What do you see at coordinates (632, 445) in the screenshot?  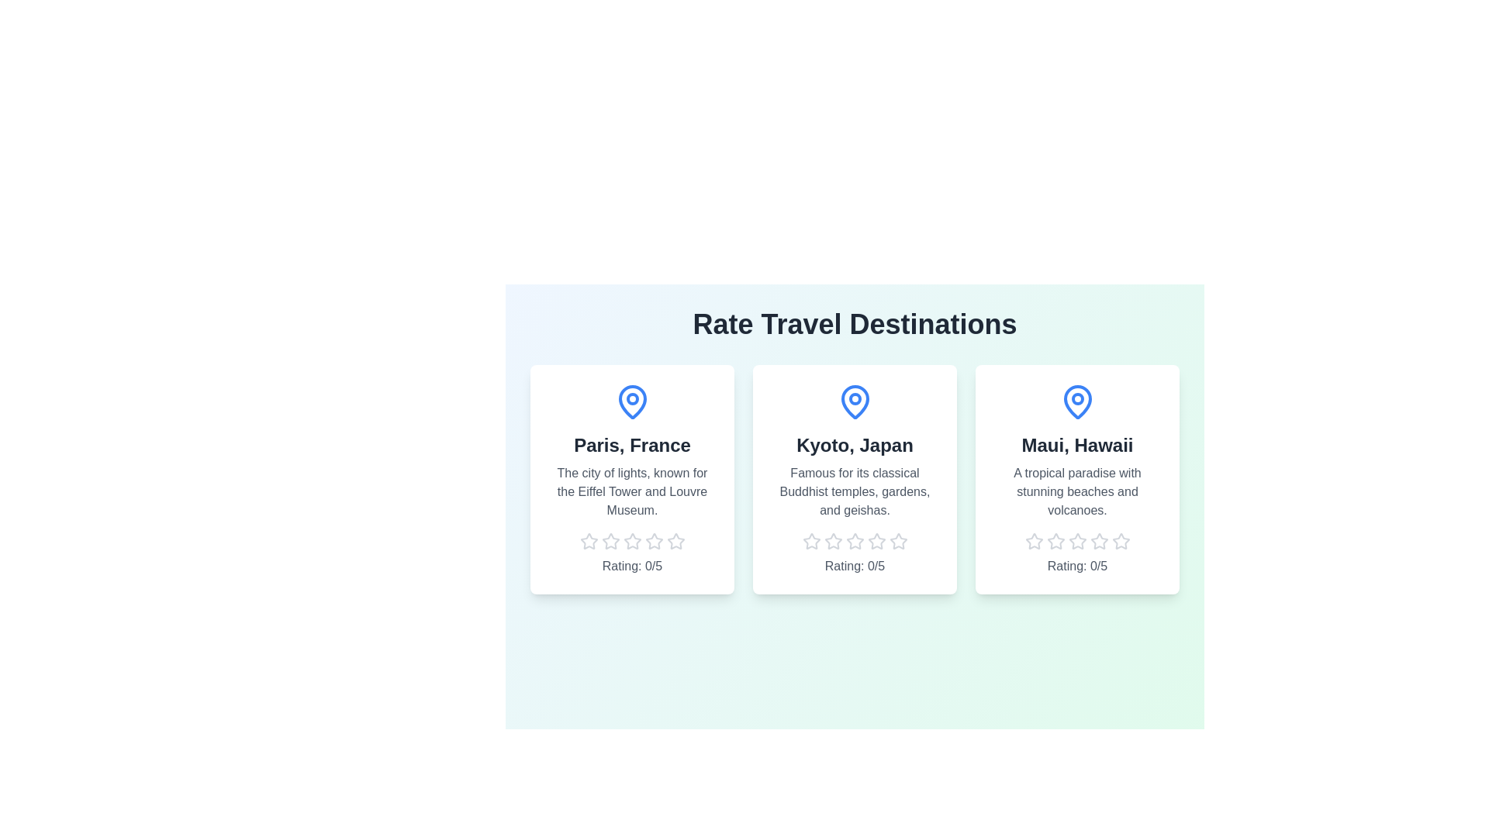 I see `the destination card to view its name and location` at bounding box center [632, 445].